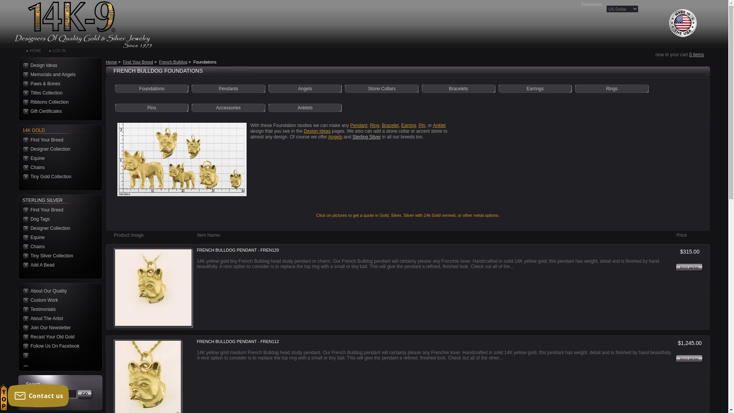  Describe the element at coordinates (152, 88) in the screenshot. I see `'Foundations'` at that location.